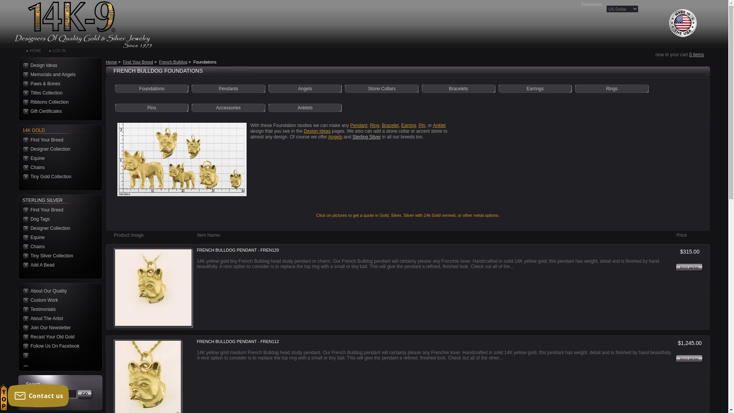  Describe the element at coordinates (152, 88) in the screenshot. I see `'Foundations'` at that location.